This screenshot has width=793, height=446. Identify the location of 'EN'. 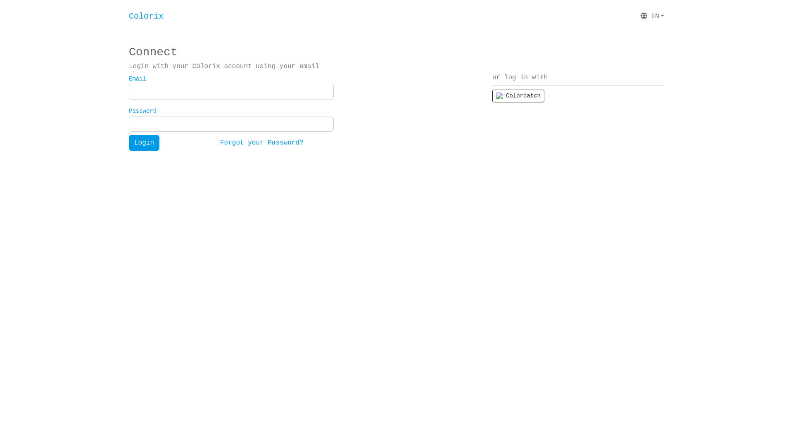
(652, 16).